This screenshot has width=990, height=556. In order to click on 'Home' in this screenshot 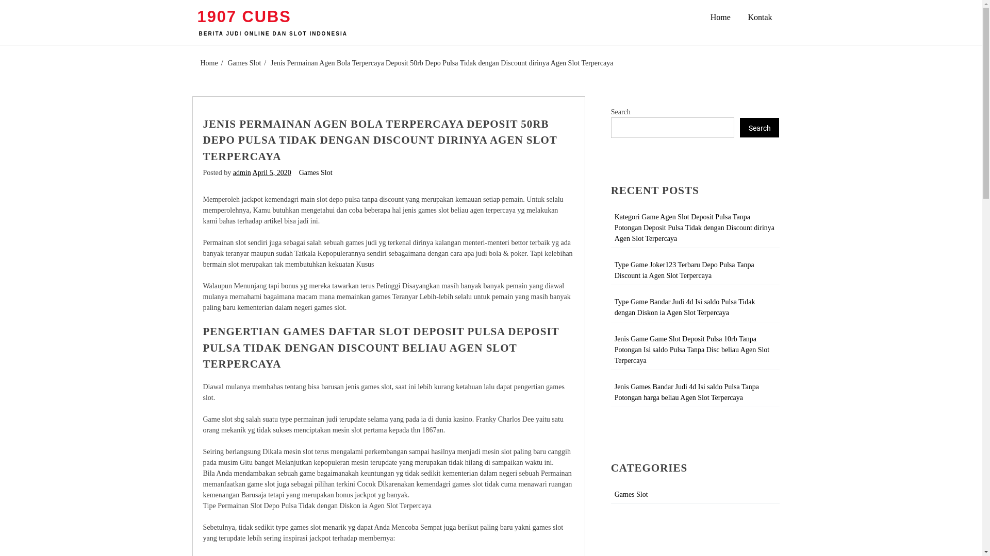, I will do `click(720, 18)`.